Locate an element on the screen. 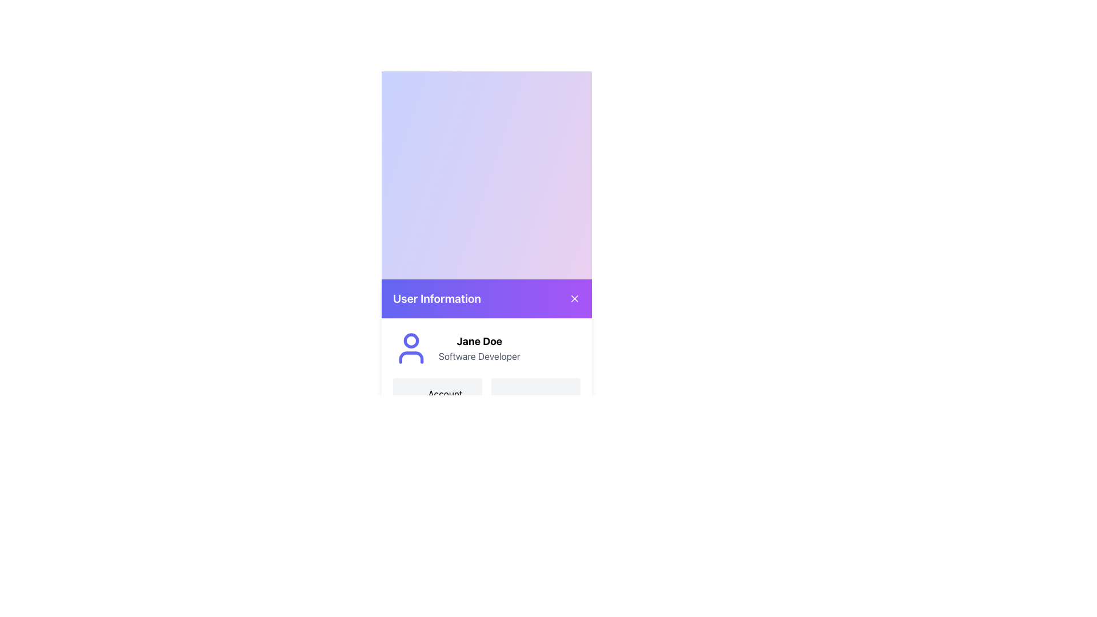  the Text Label that designates 'Software Developer' for the user 'Jane Doe', which is positioned immediately below 'Jane Doe' and to the right of a user profile icon is located at coordinates (479, 355).